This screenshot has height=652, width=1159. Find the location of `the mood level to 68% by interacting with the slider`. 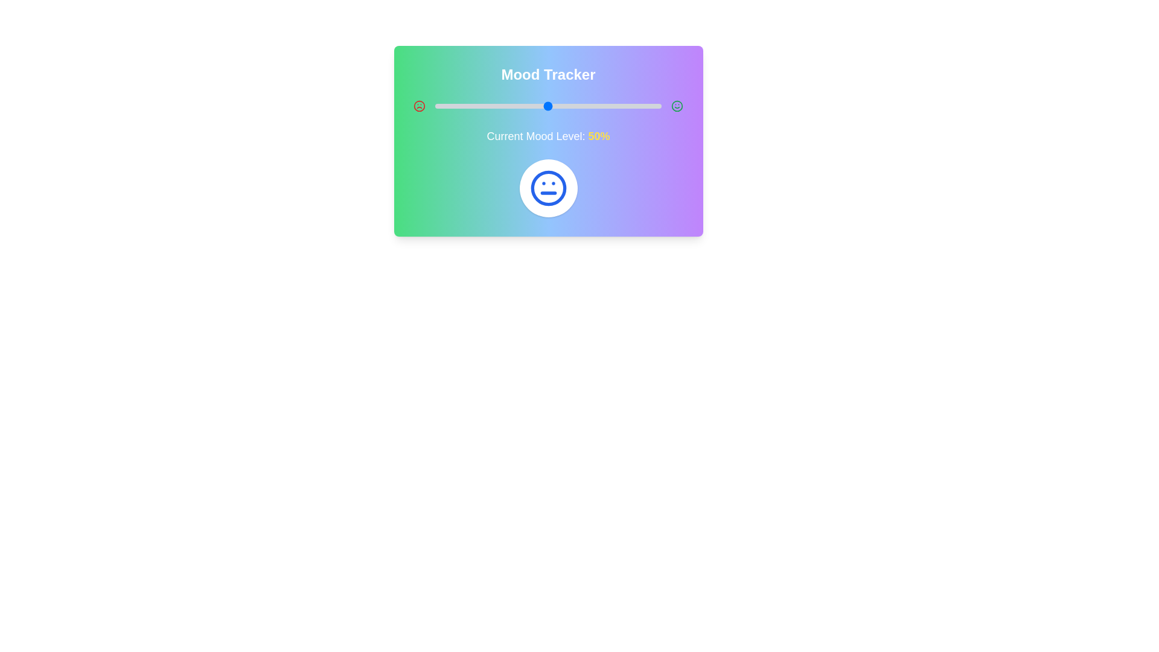

the mood level to 68% by interacting with the slider is located at coordinates (589, 106).